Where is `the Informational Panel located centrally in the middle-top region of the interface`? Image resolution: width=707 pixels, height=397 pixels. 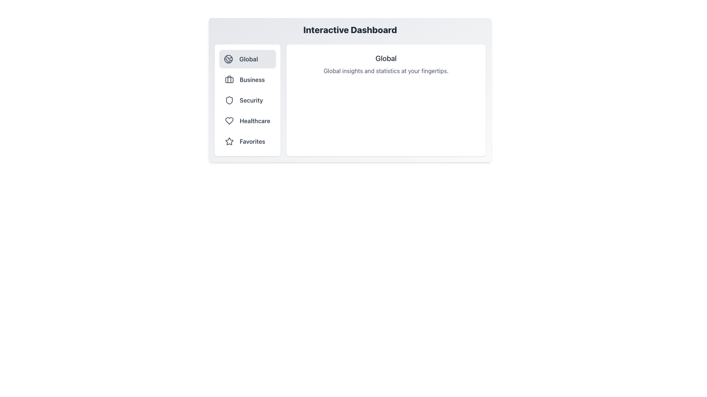
the Informational Panel located centrally in the middle-top region of the interface is located at coordinates (349, 90).